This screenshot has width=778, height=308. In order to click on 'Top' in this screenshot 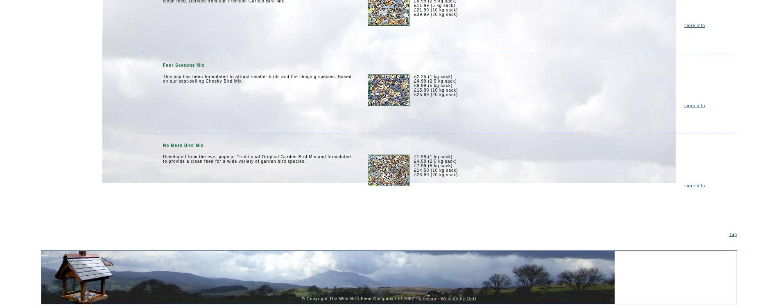, I will do `click(732, 234)`.